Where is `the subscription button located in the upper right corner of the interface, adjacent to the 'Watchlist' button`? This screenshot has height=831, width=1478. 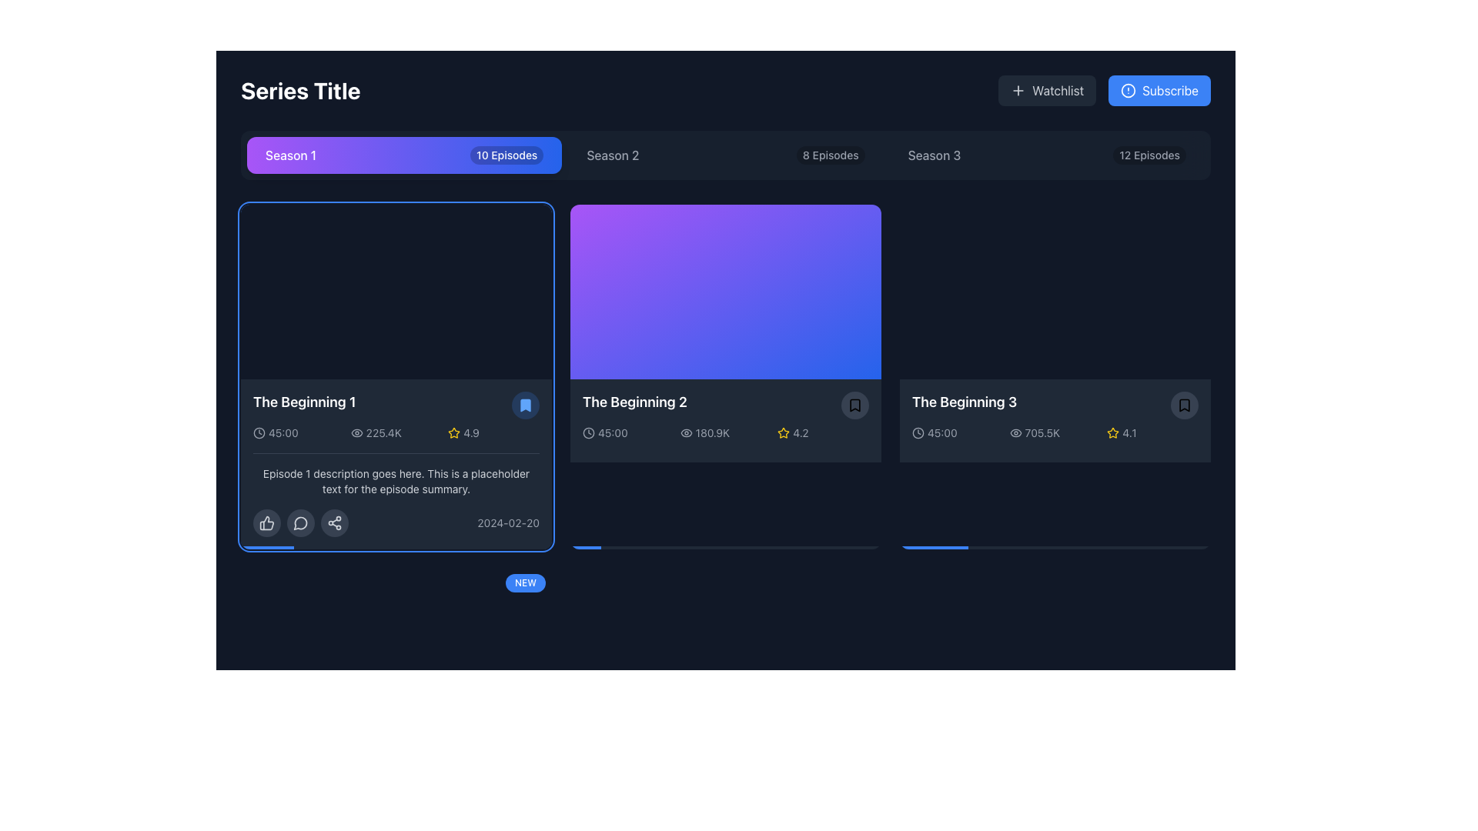
the subscription button located in the upper right corner of the interface, adjacent to the 'Watchlist' button is located at coordinates (1159, 91).